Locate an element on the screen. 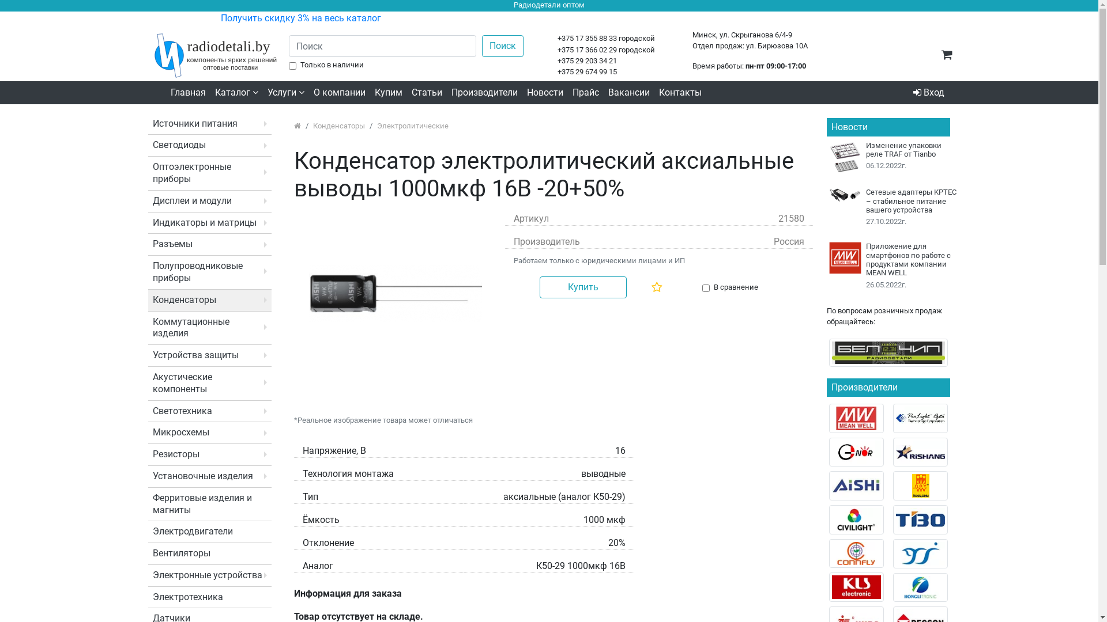 This screenshot has height=622, width=1107. '+375 17 355 88 33' is located at coordinates (557, 37).